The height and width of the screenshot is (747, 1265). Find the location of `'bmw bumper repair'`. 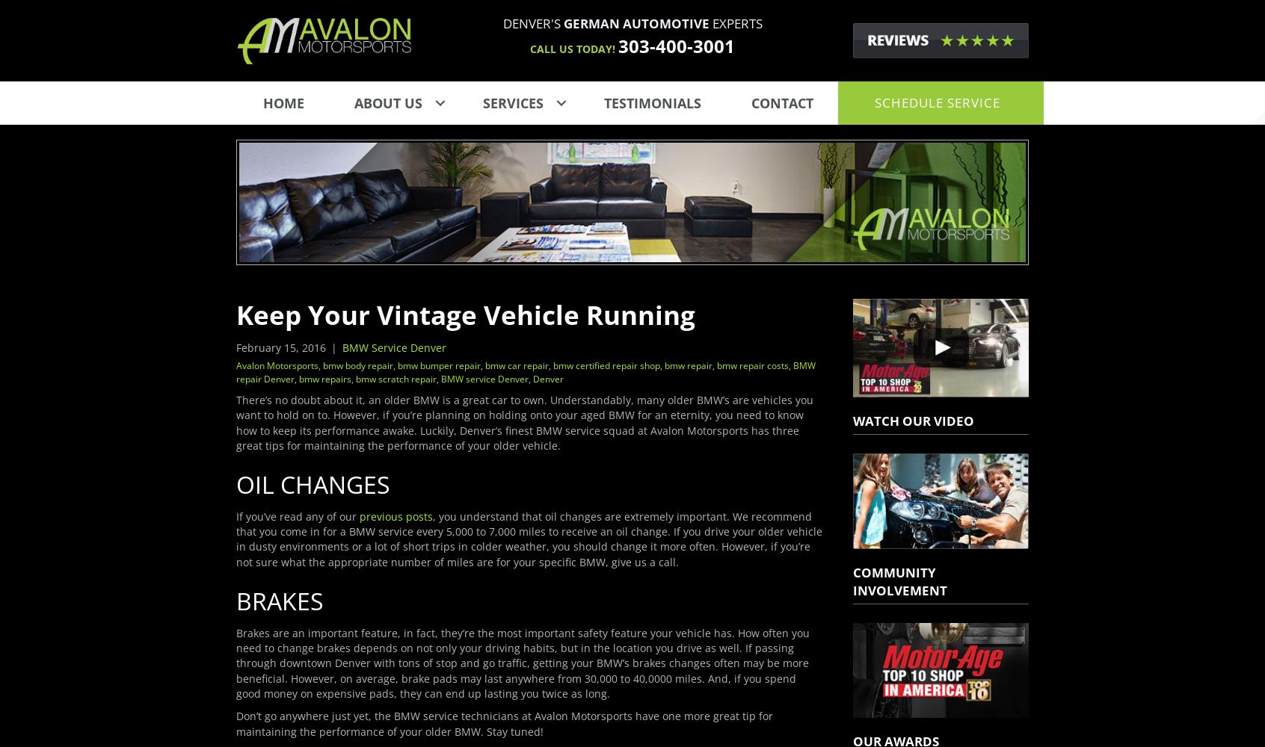

'bmw bumper repair' is located at coordinates (438, 365).